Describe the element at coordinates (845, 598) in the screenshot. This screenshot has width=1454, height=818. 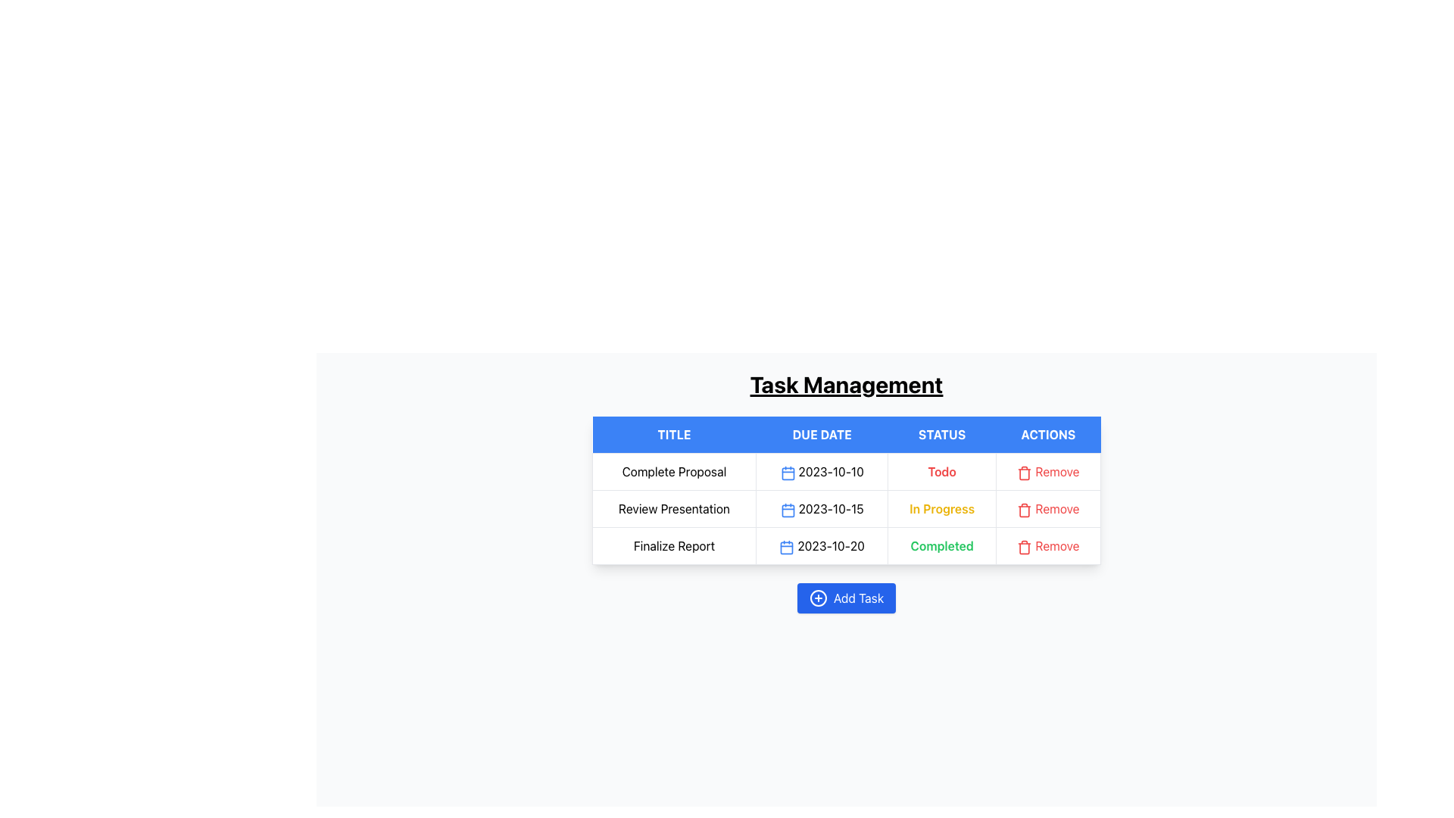
I see `the blue button labeled 'Add Task'` at that location.